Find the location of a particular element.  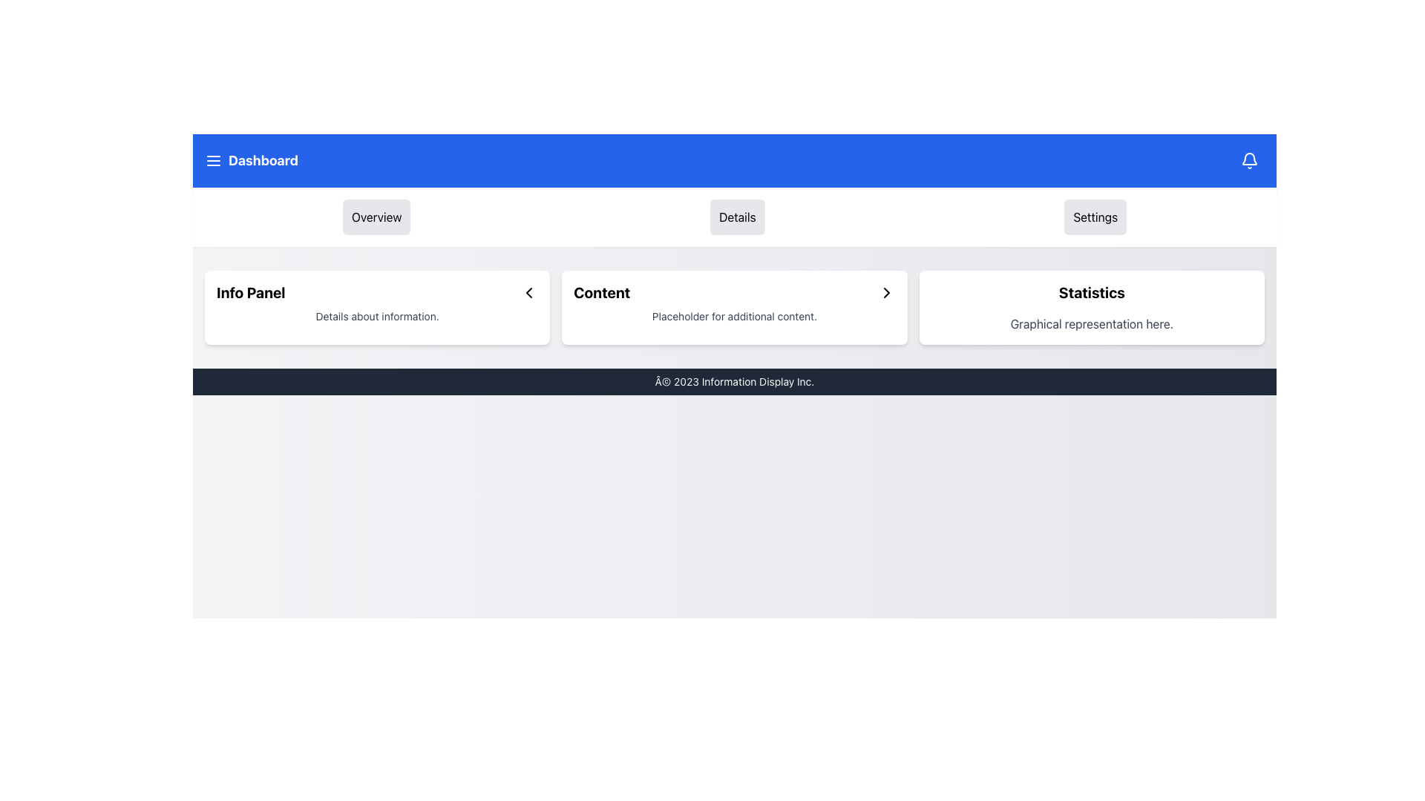

the navigation button located to the left of the 'Details' button in the top section of the interface to switch to the overview section is located at coordinates (376, 217).